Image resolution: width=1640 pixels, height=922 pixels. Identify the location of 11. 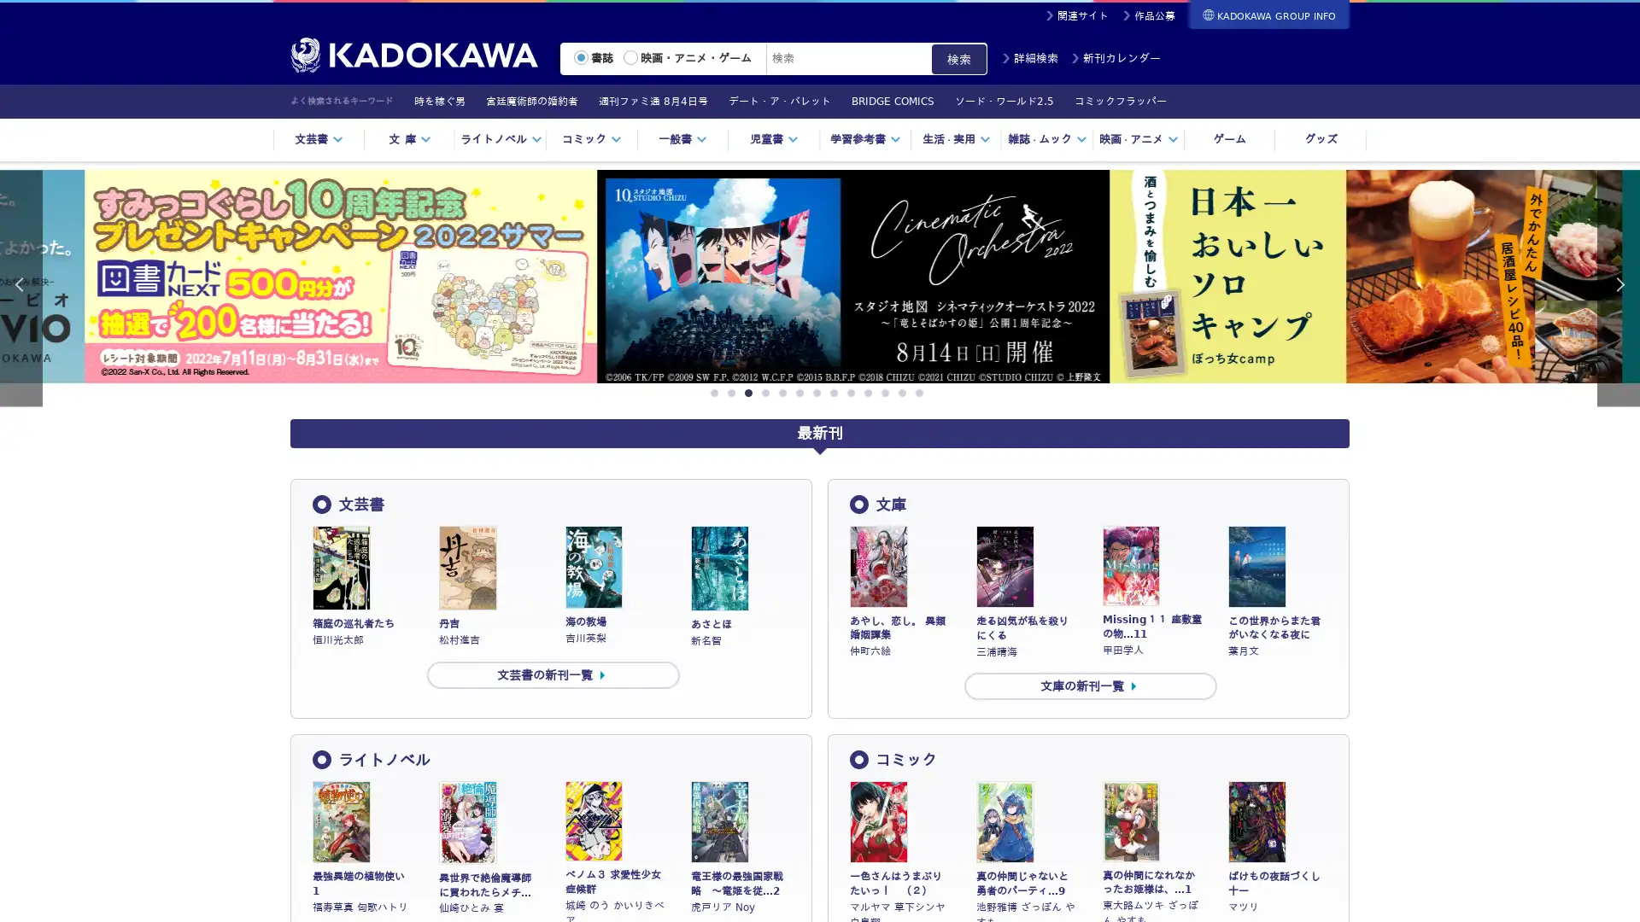
(888, 394).